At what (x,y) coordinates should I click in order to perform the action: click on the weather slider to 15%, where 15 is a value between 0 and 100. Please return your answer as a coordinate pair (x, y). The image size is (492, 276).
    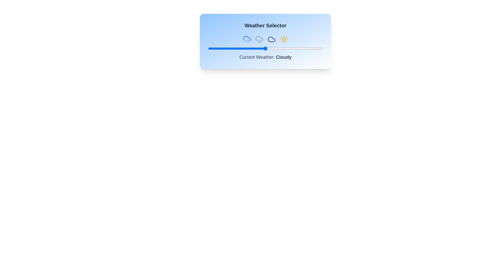
    Looking at the image, I should click on (225, 48).